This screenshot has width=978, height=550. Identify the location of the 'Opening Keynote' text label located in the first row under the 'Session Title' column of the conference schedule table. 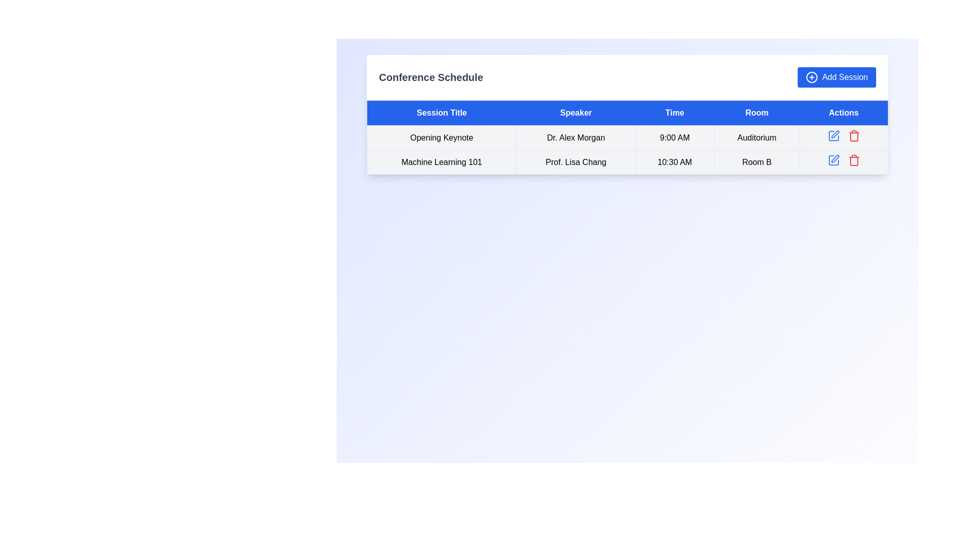
(442, 137).